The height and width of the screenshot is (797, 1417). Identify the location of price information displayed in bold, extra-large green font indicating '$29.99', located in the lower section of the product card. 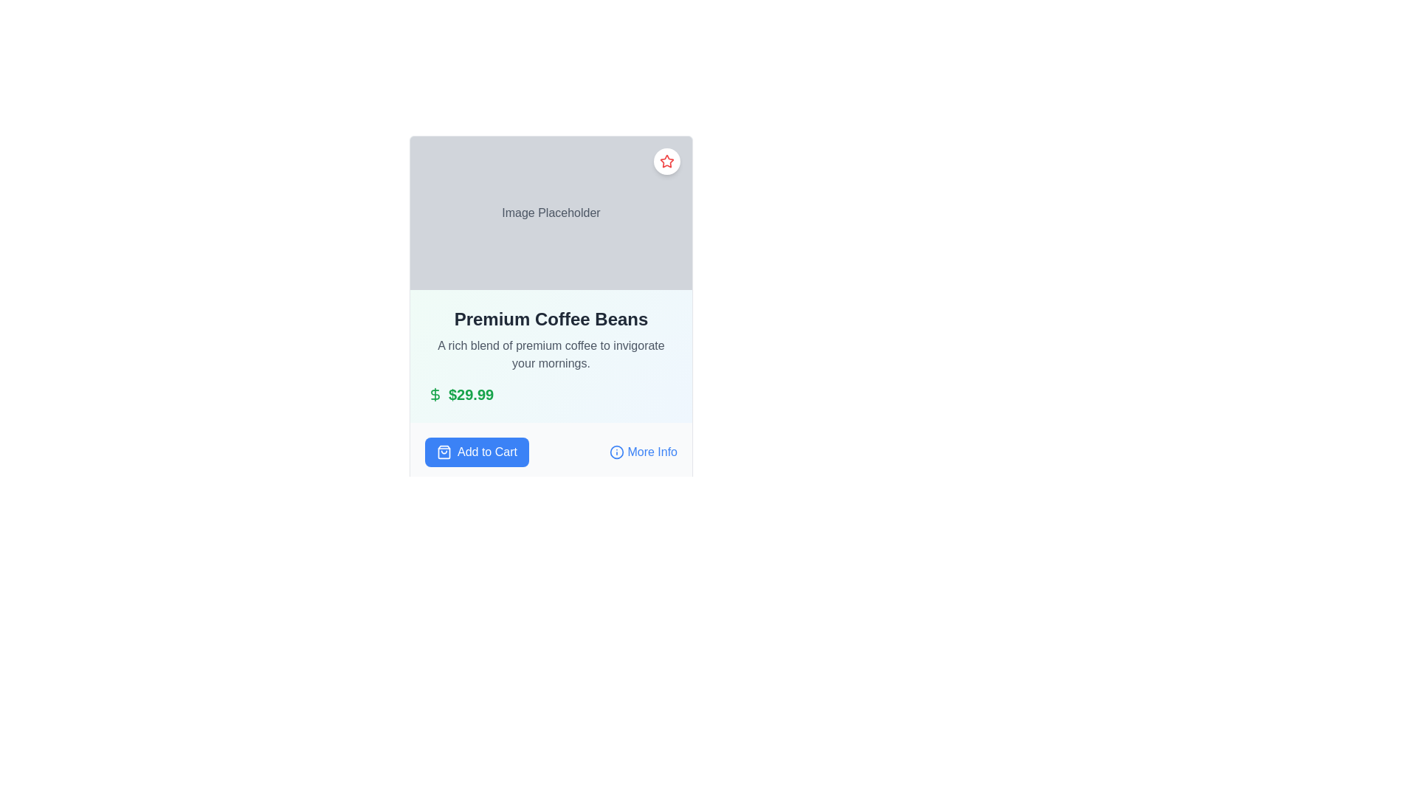
(470, 394).